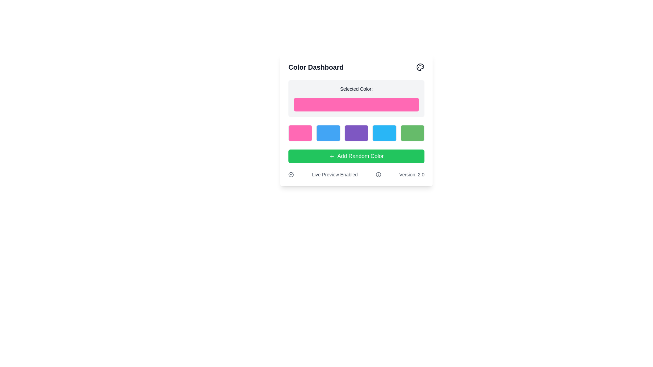 This screenshot has height=367, width=653. I want to click on the colored block in the color selection grid, which is the third block in the row directly below the 'Selected Color:' section, so click(356, 133).